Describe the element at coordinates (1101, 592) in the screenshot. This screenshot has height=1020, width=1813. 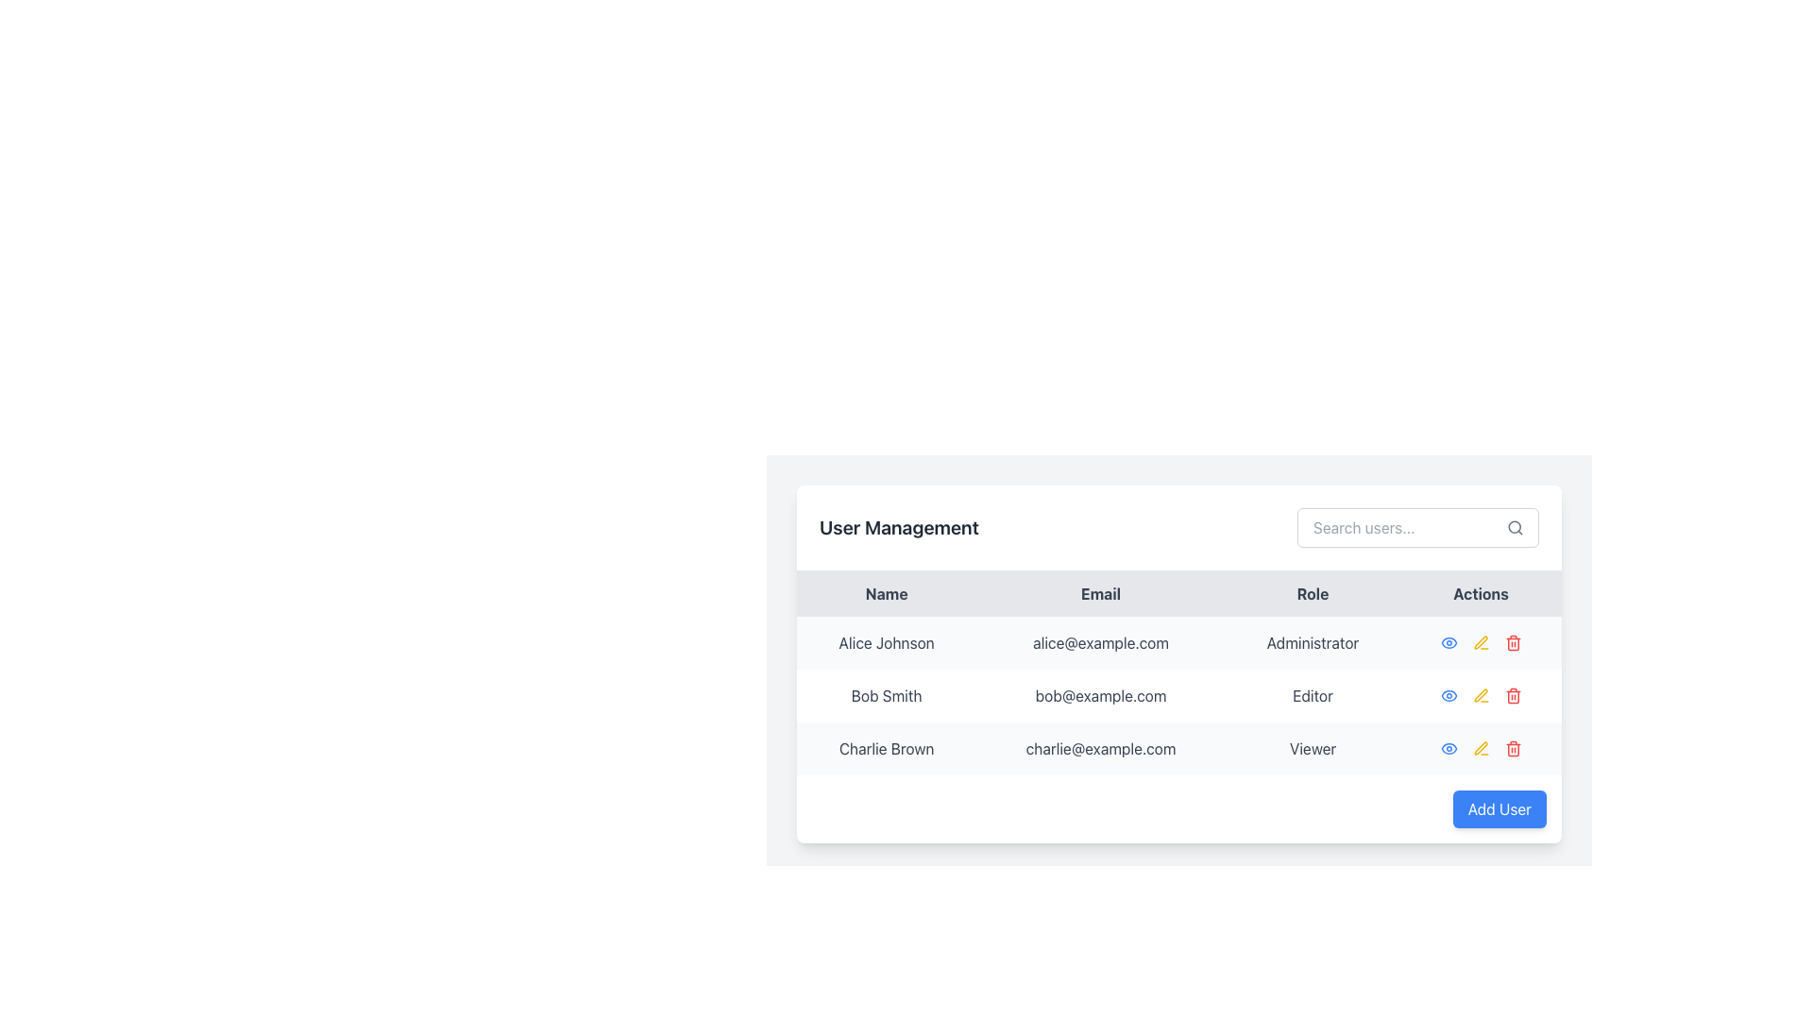
I see `the 'Email' table header, which is a bold dark text label on a light gray background, centrally aligned between the 'Name' and 'Role' headers in the table` at that location.